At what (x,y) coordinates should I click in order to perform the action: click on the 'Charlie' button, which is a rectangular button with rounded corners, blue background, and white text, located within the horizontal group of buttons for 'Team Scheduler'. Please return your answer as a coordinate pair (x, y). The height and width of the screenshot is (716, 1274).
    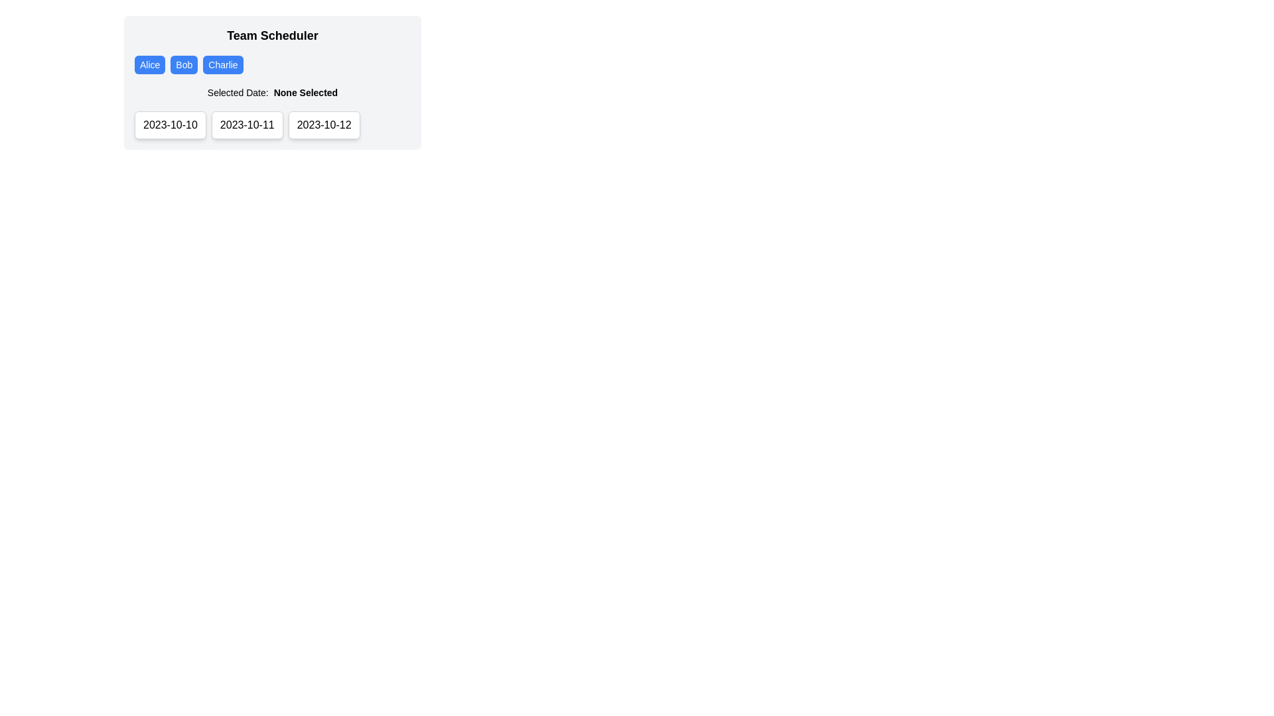
    Looking at the image, I should click on (223, 64).